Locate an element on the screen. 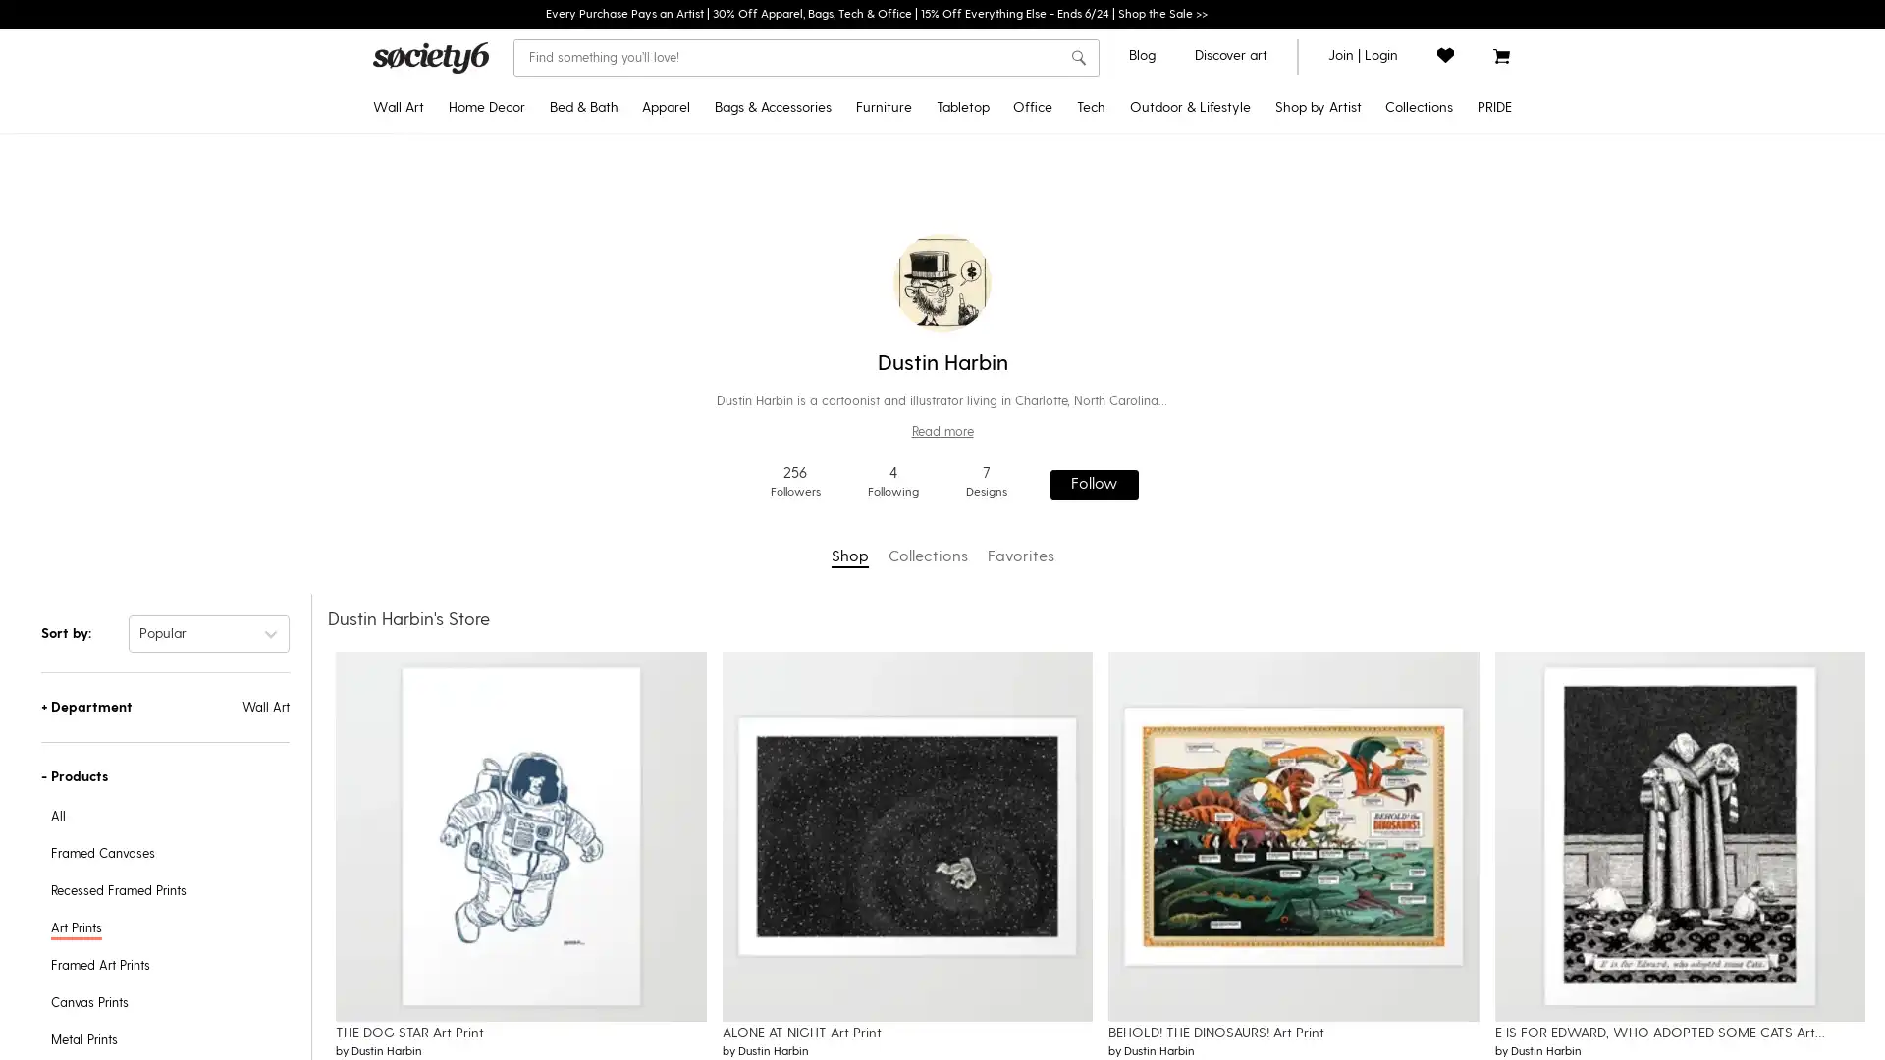 The image size is (1885, 1060). Celebrate Pride Month is located at coordinates (1416, 157).